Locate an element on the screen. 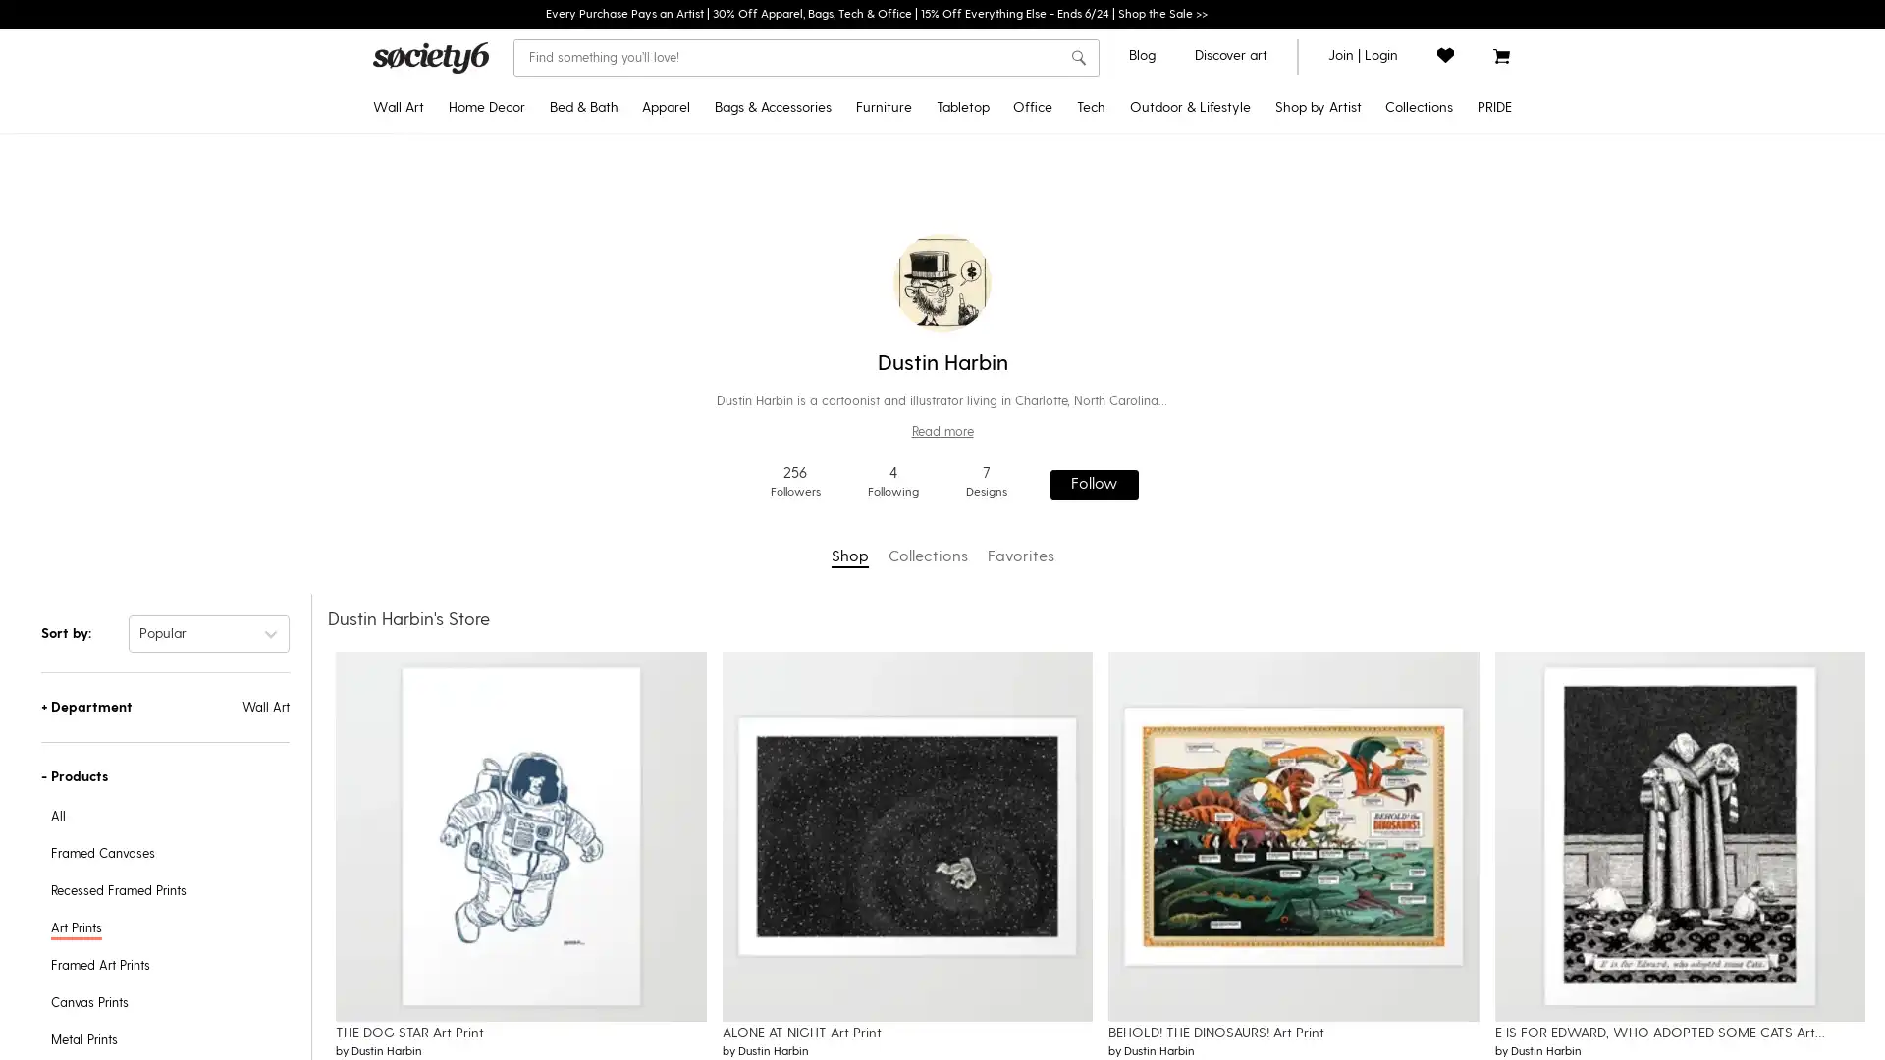 The image size is (1885, 1060). Celebrate Pride Month is located at coordinates (1416, 157).